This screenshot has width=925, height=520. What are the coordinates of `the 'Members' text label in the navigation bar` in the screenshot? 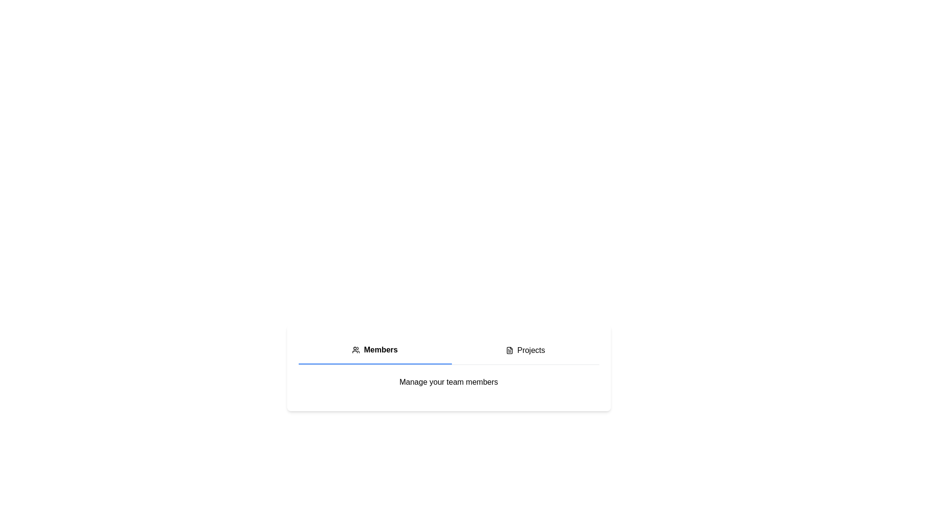 It's located at (380, 350).